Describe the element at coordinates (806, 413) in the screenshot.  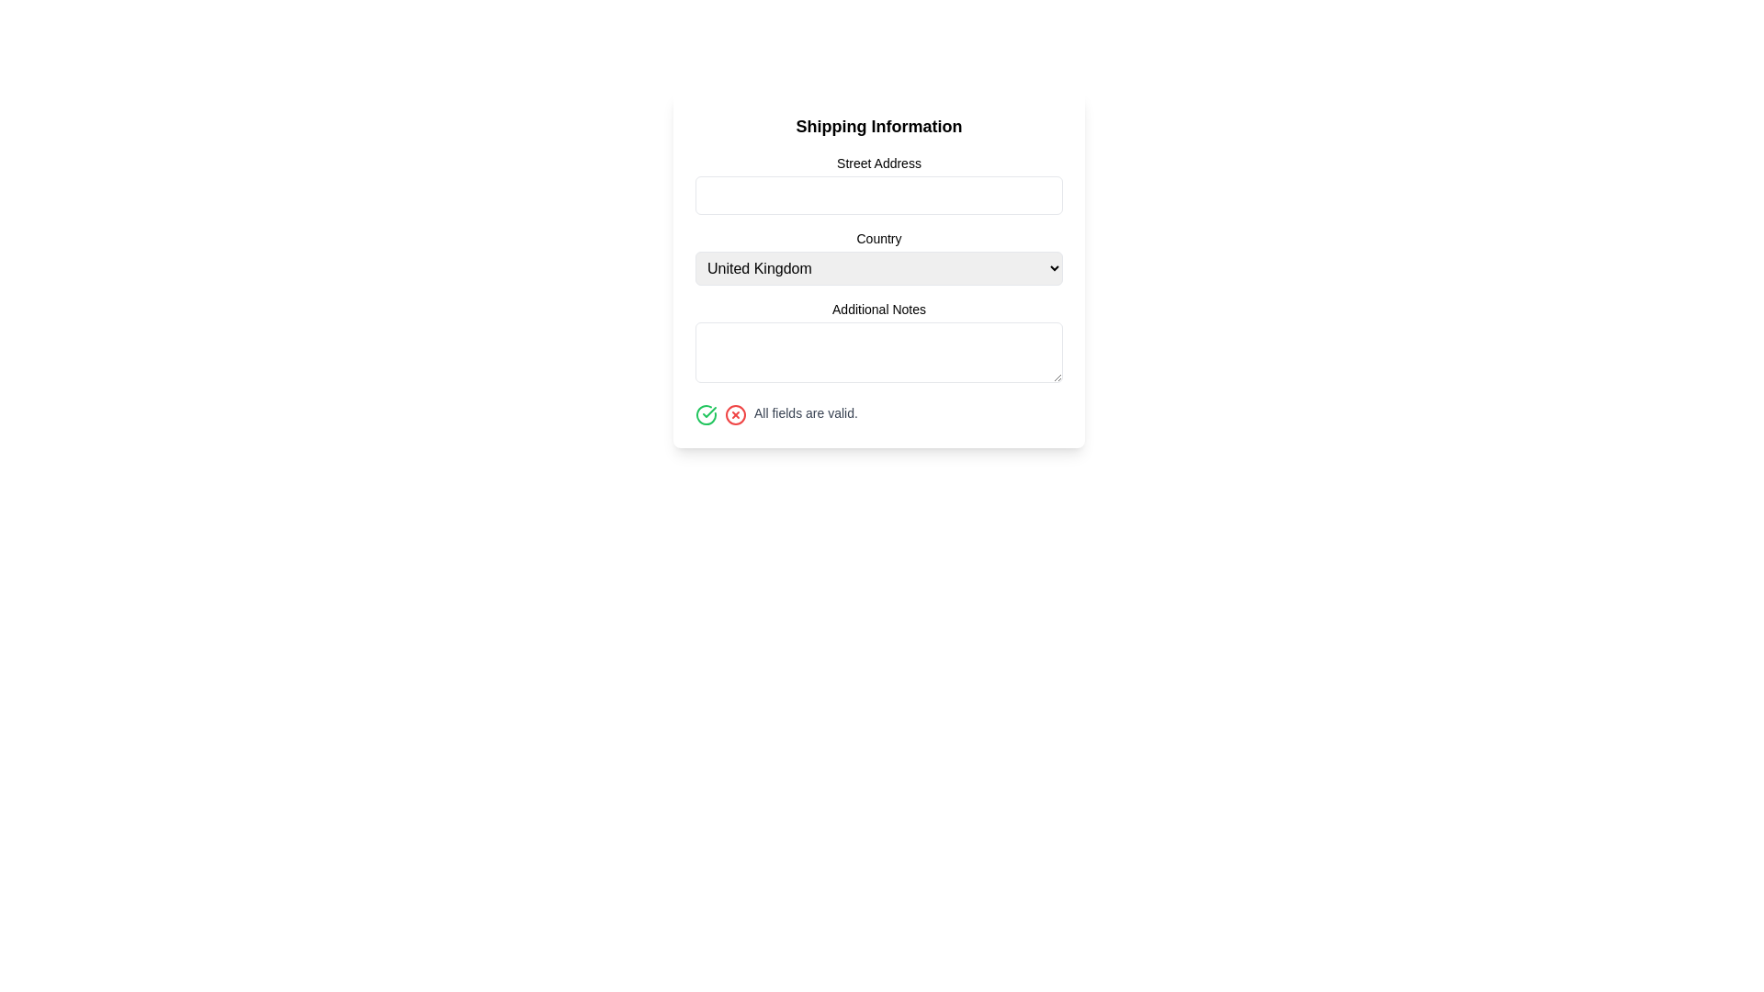
I see `the static text indicating that all form fields have been filled out correctly, located at the bottom-left corner of the form, to the right of the green checkmark and red cross icons` at that location.